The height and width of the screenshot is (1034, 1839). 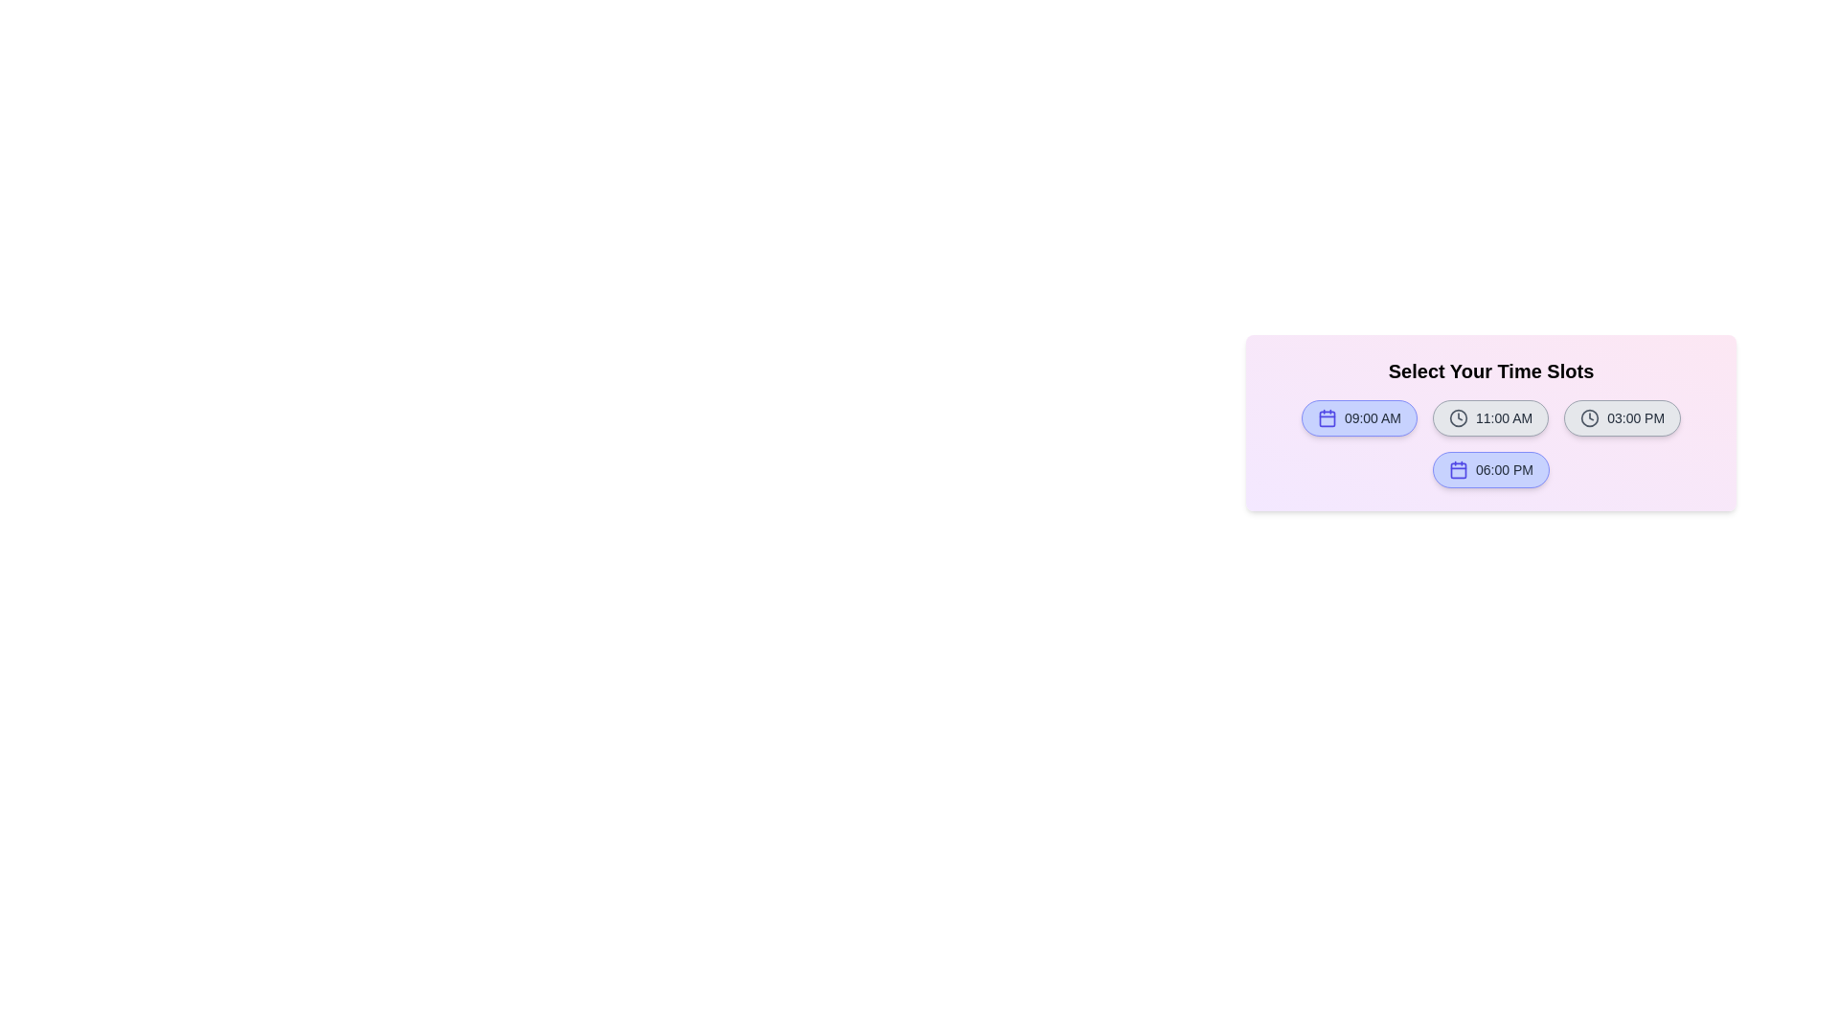 What do you see at coordinates (1622, 416) in the screenshot?
I see `the time slot labeled 03:00 PM` at bounding box center [1622, 416].